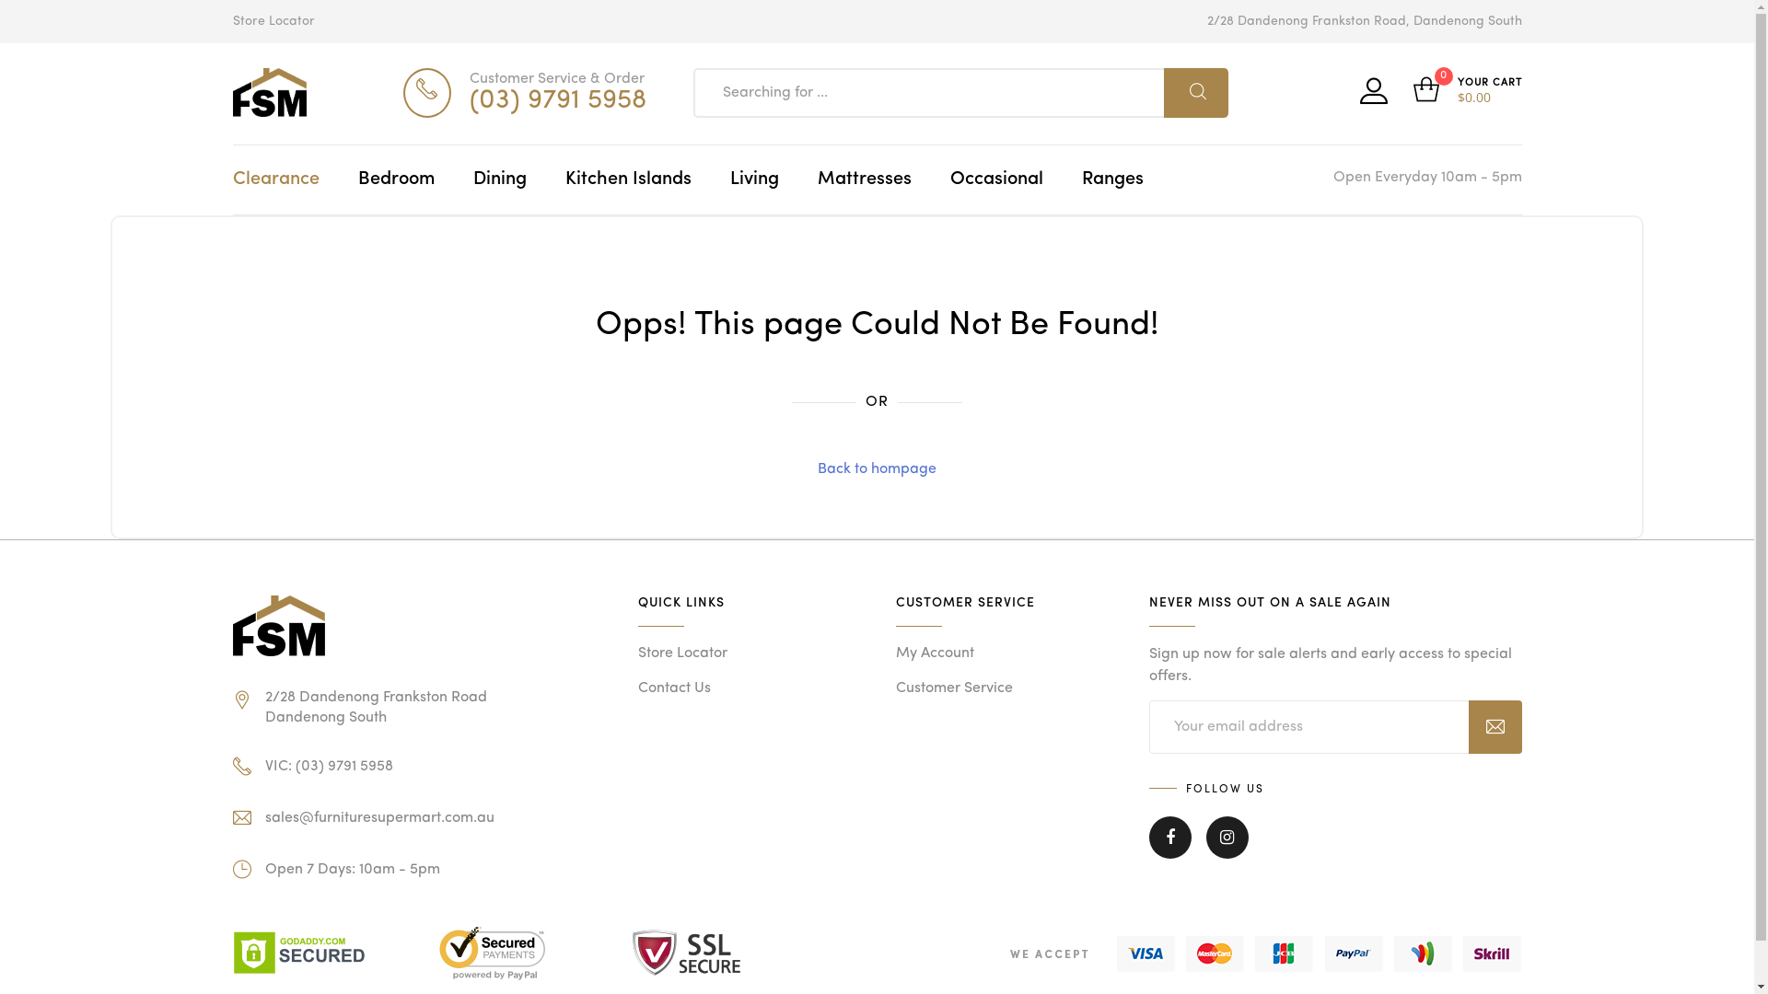 This screenshot has height=994, width=1768. Describe the element at coordinates (995, 179) in the screenshot. I see `'Occasional'` at that location.